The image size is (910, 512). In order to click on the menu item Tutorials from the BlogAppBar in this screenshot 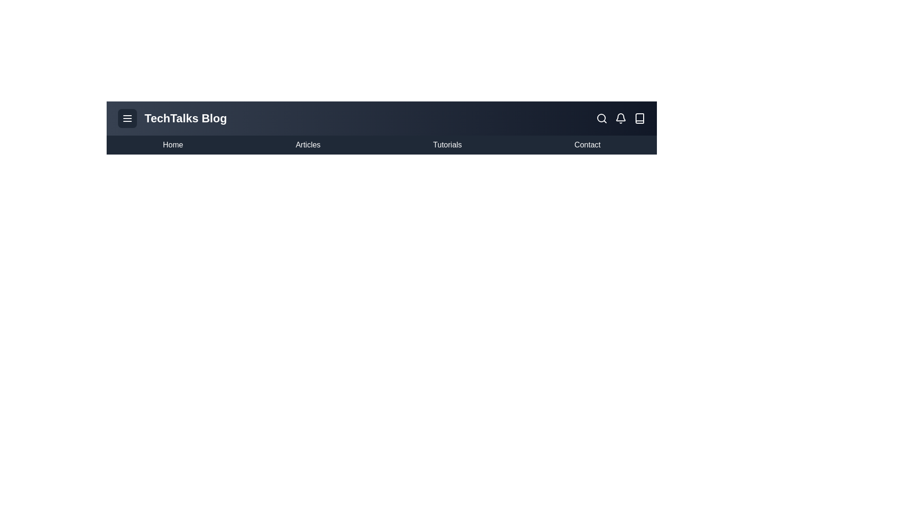, I will do `click(447, 145)`.